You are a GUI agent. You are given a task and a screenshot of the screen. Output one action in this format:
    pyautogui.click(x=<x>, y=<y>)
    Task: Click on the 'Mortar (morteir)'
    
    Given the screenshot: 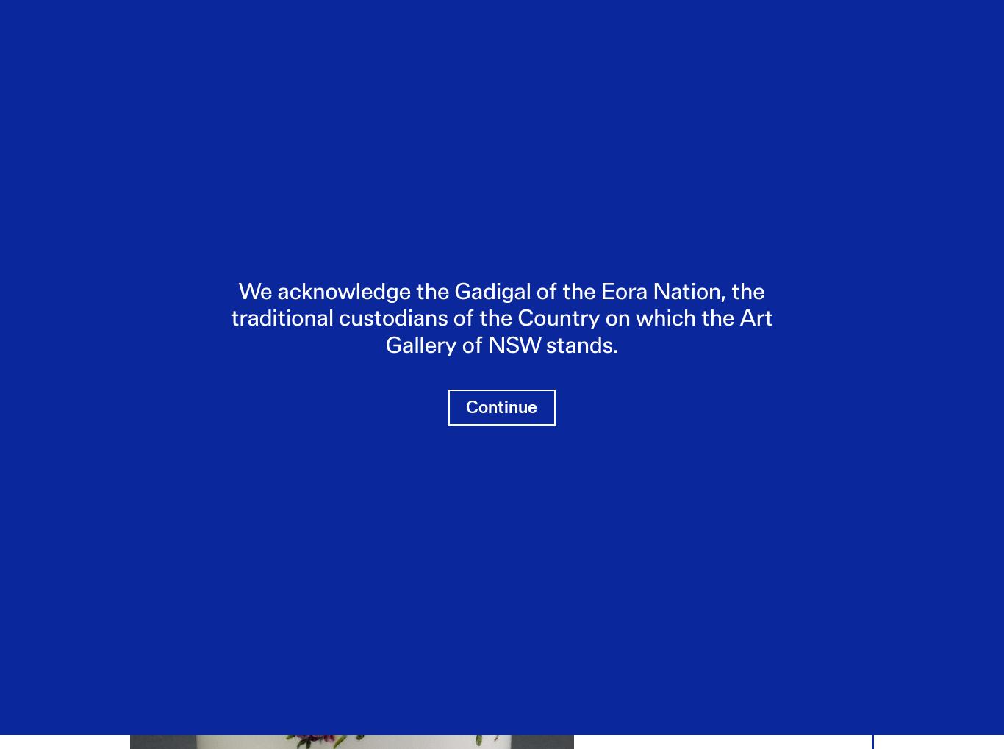 What is the action you would take?
    pyautogui.click(x=128, y=254)
    